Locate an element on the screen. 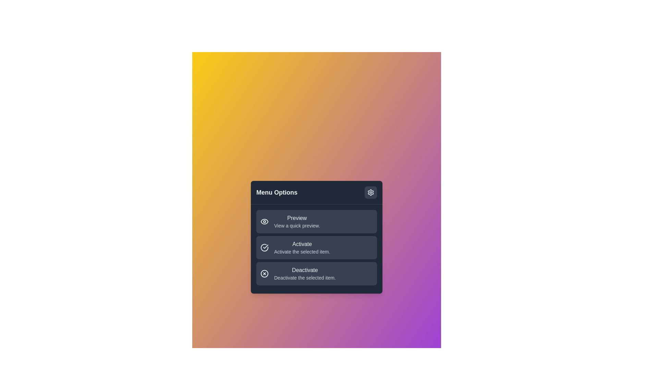  the 'Deactivate' option to deactivate the selected item is located at coordinates (316, 273).